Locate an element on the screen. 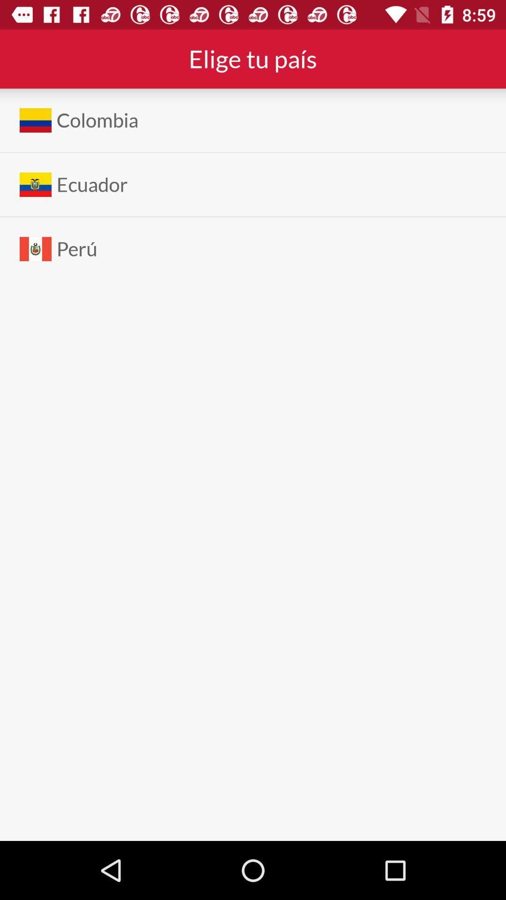  the ecuador app is located at coordinates (92, 185).